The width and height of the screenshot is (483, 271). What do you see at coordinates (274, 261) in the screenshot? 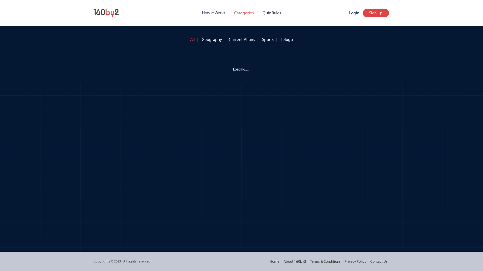
I see `'Home'` at bounding box center [274, 261].